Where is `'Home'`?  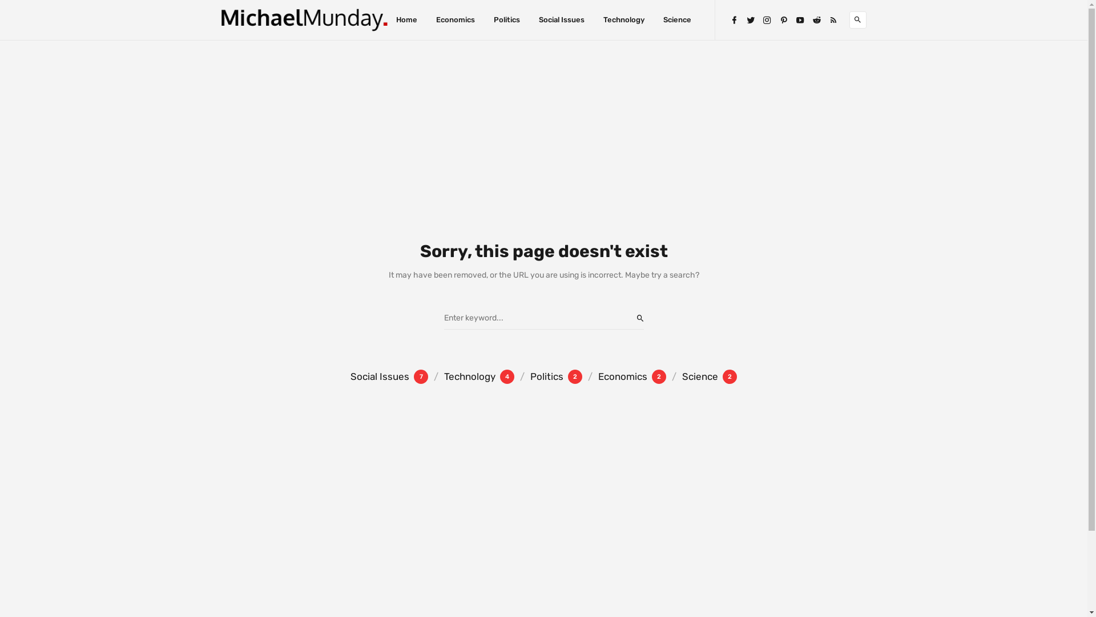
'Home' is located at coordinates (406, 19).